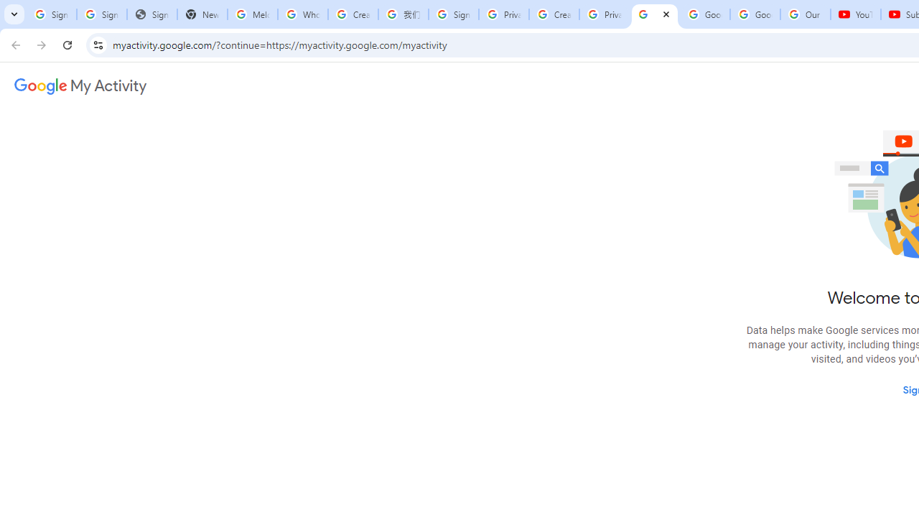  Describe the element at coordinates (452, 14) in the screenshot. I see `'Sign in - Google Accounts'` at that location.